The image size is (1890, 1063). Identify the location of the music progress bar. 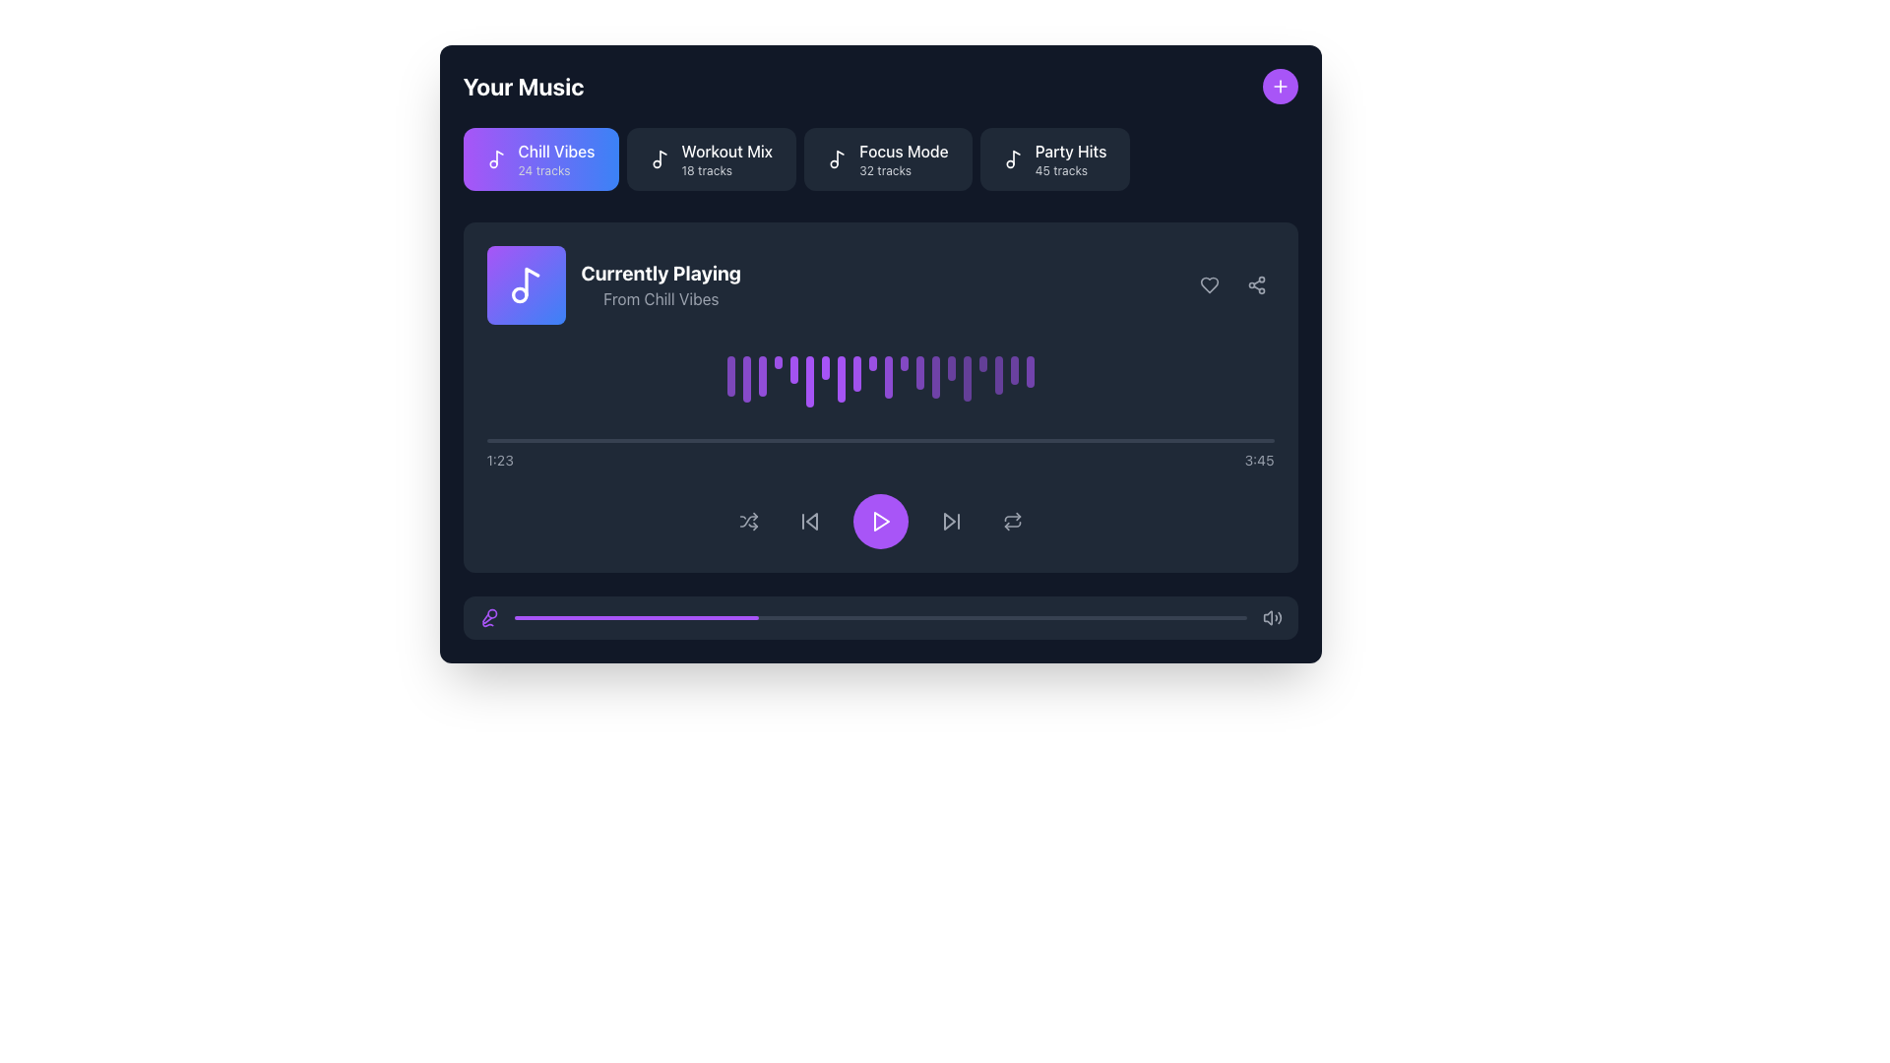
(514, 617).